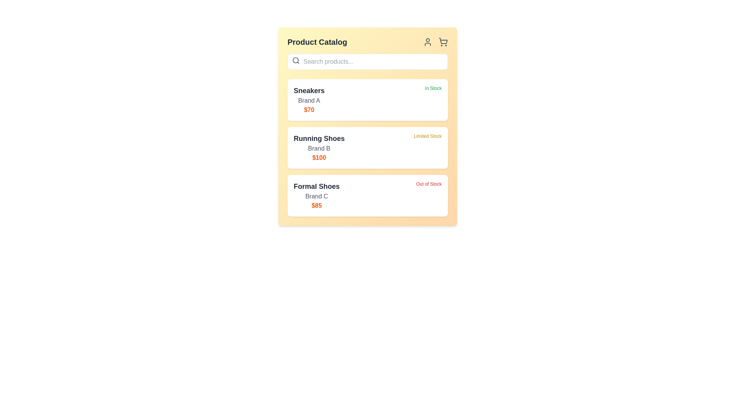  Describe the element at coordinates (428, 195) in the screenshot. I see `the text label indicating the availability status of 'Formal Shoes', which is located in the top-right corner of the product card and is visually separated by its red color` at that location.